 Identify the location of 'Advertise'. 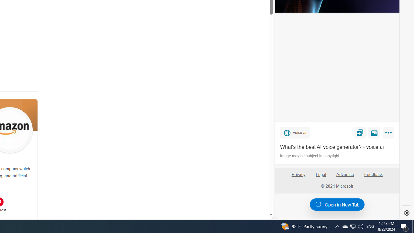
(344, 174).